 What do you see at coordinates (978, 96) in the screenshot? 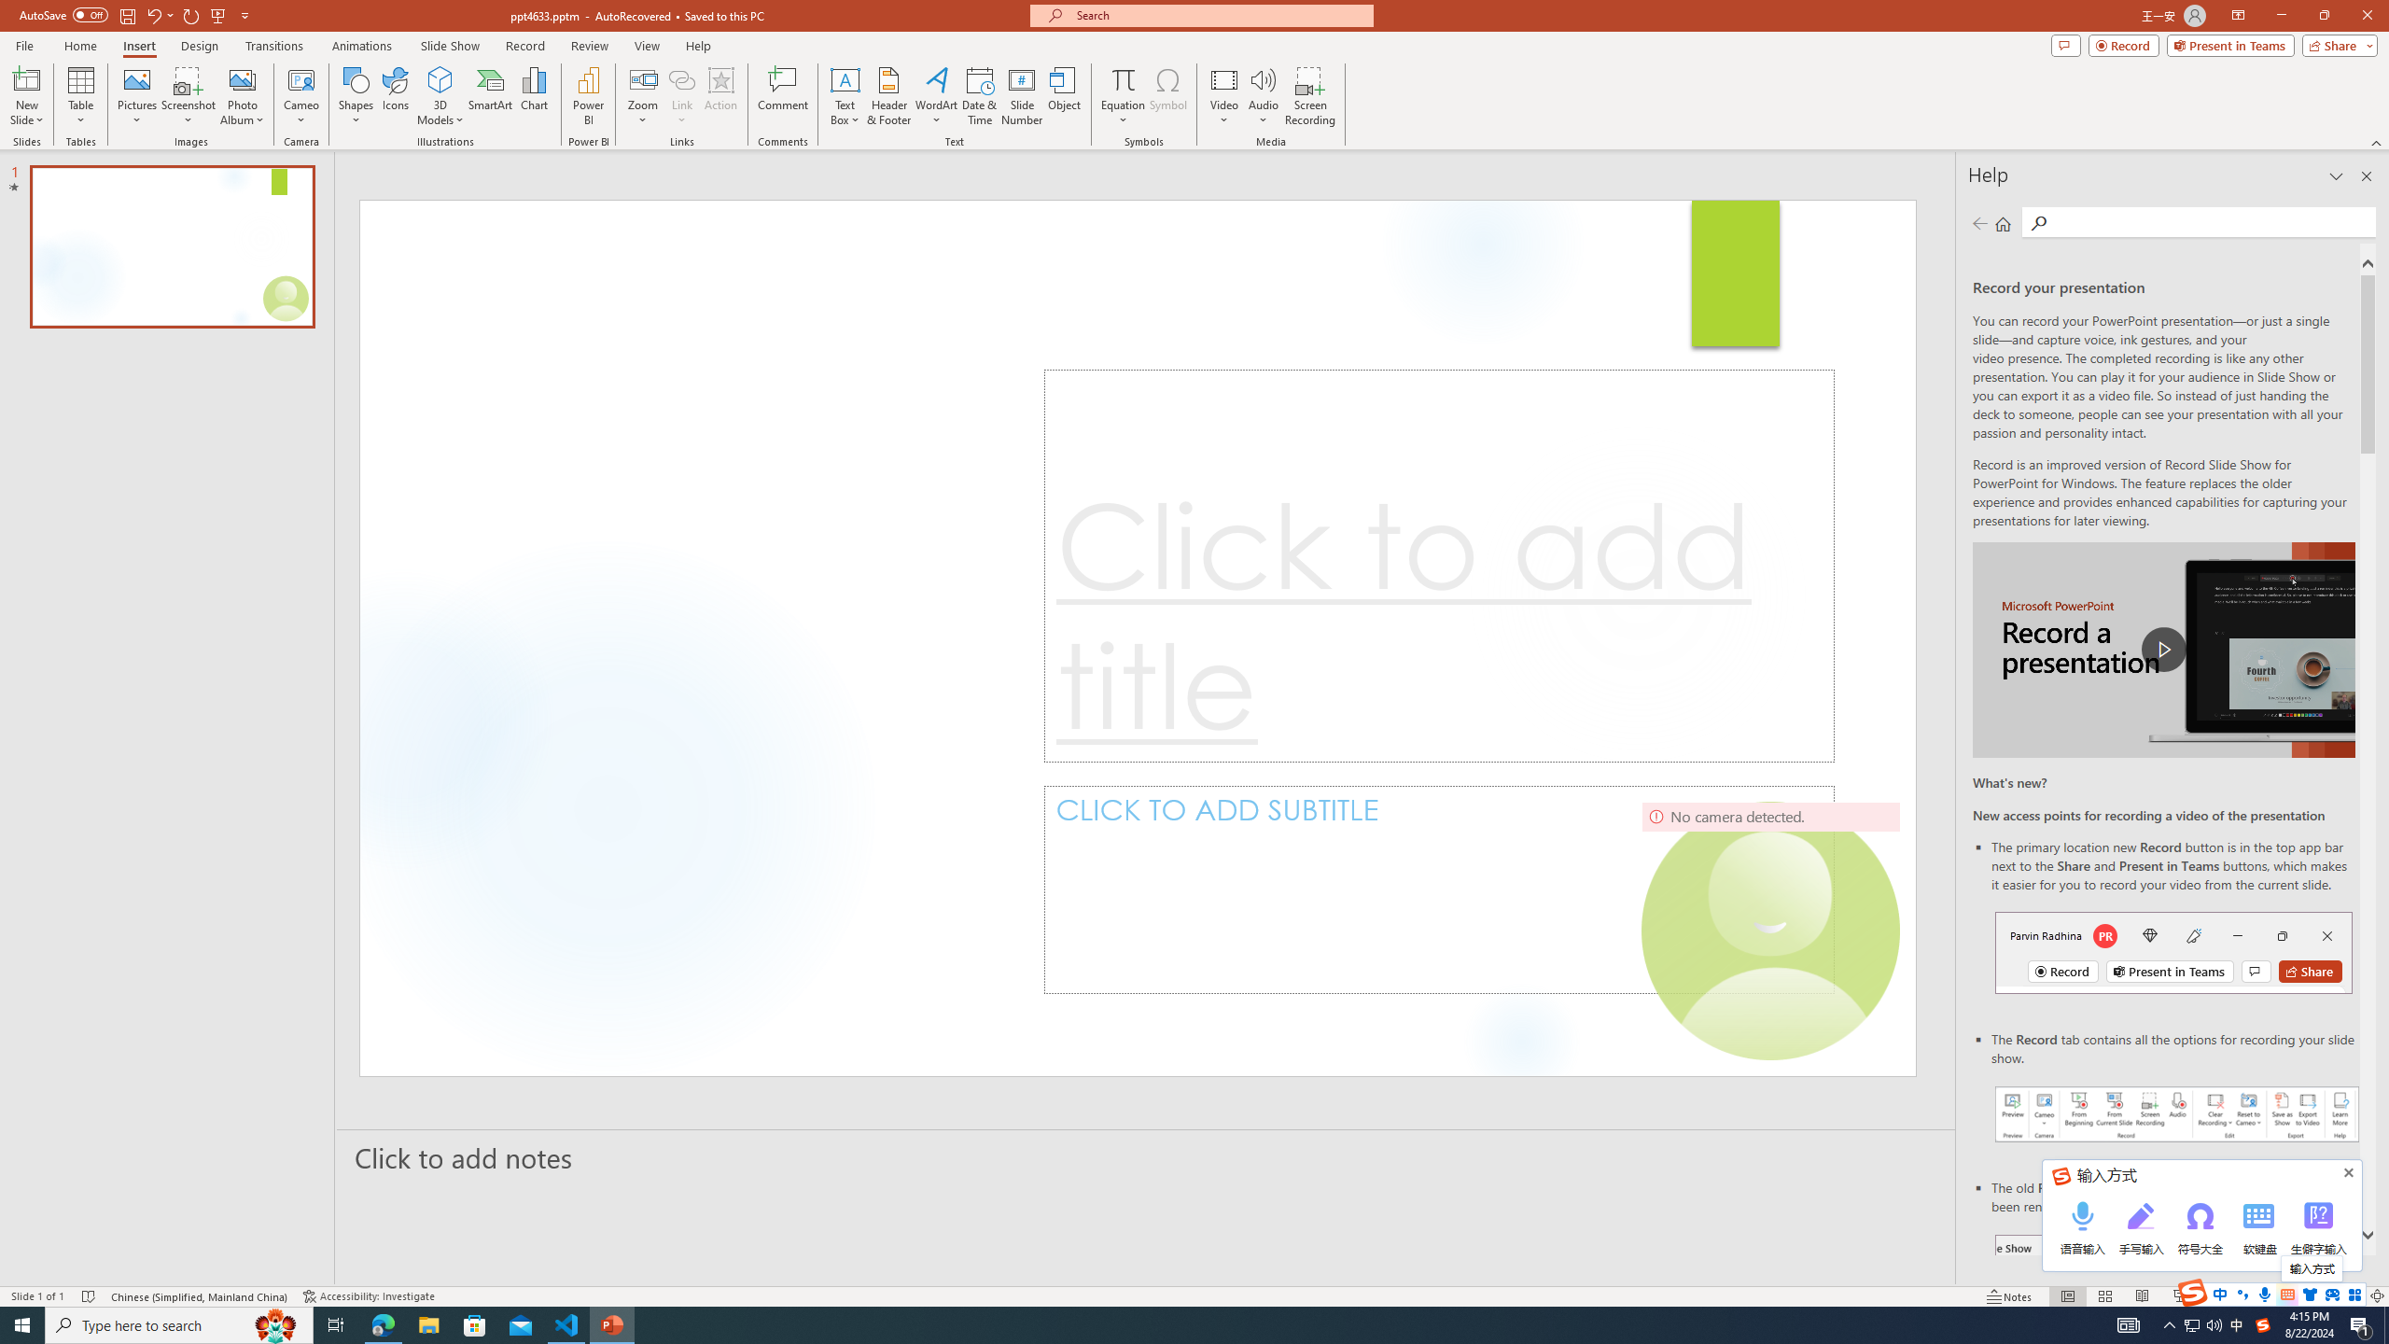
I see `'Date & Time...'` at bounding box center [978, 96].